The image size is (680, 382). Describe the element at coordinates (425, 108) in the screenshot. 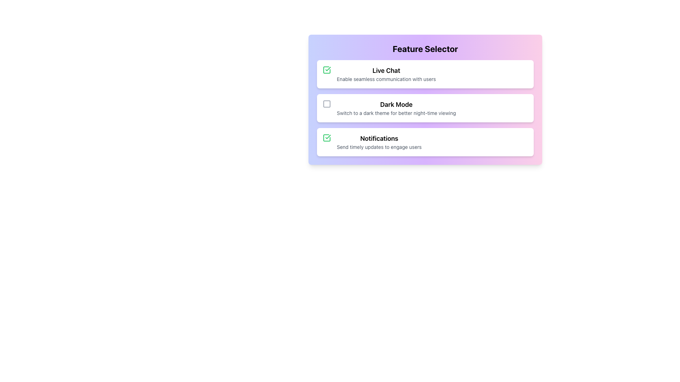

I see `the 'Dark Mode' card element in the 'Feature Selector' panel` at that location.